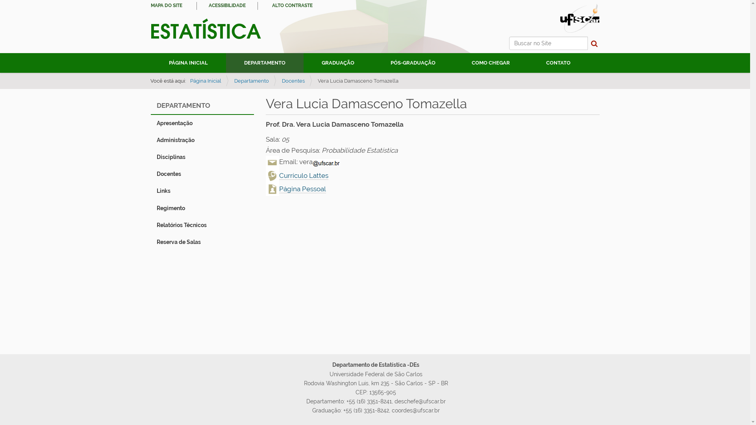 This screenshot has height=425, width=756. Describe the element at coordinates (580, 18) in the screenshot. I see `'Portal UFSCar'` at that location.